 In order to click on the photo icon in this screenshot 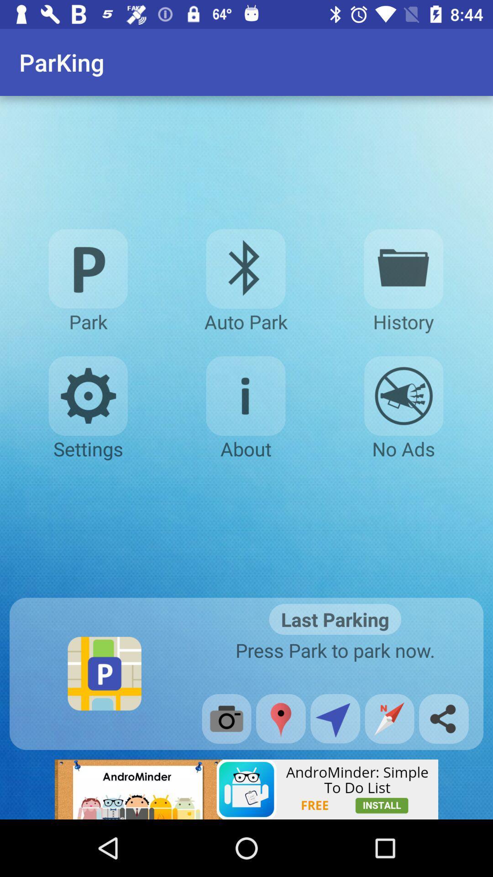, I will do `click(226, 718)`.